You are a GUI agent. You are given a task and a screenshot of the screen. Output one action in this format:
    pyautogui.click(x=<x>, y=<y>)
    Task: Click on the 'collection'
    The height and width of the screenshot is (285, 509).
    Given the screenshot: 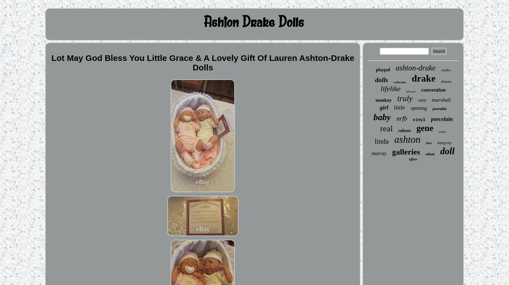 What is the action you would take?
    pyautogui.click(x=399, y=82)
    